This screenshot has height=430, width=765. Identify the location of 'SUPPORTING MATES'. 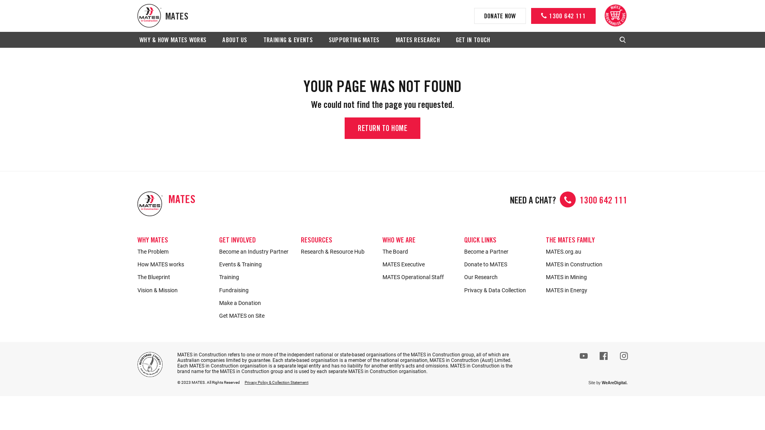
(353, 40).